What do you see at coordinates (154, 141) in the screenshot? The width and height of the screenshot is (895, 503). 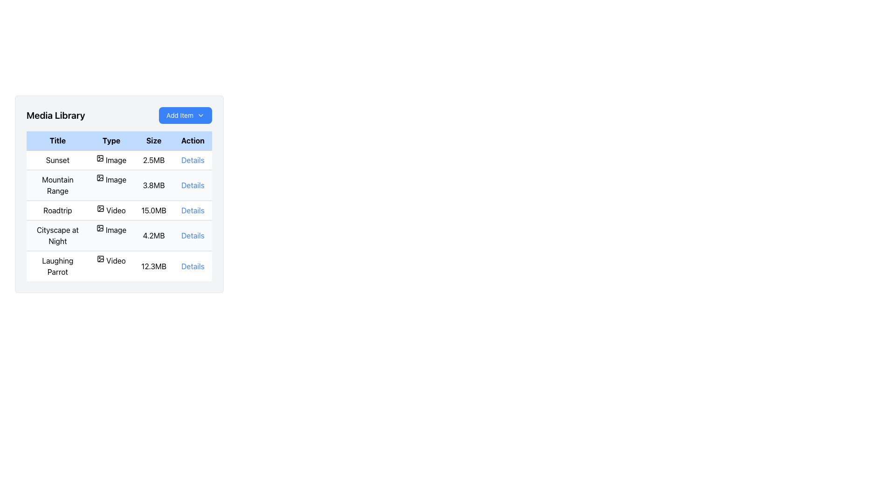 I see `text label displaying 'Size' which is centered in the third column of a table header row` at bounding box center [154, 141].